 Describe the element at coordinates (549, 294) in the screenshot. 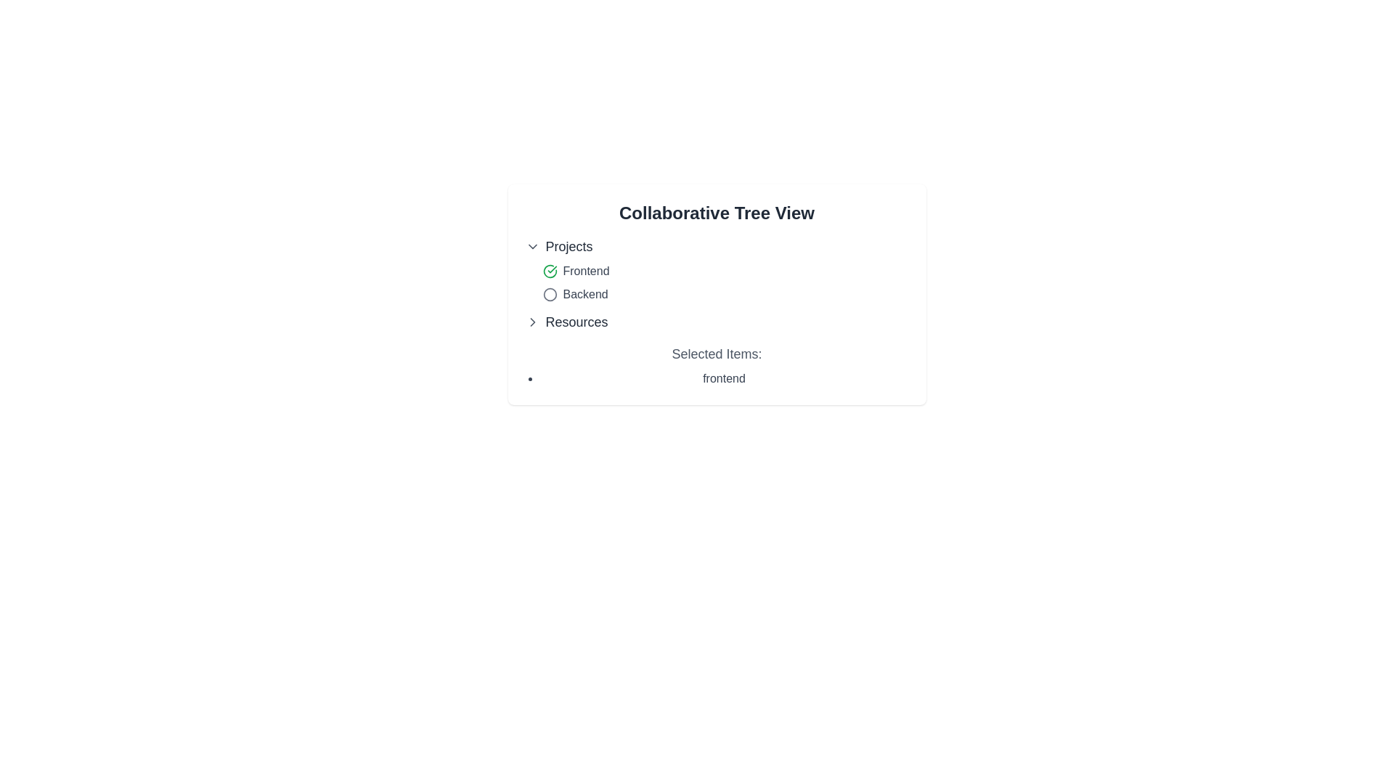

I see `the icon representing the 'Backend' item, which is located in the left section of the interface, to the left of the text 'Backend'` at that location.